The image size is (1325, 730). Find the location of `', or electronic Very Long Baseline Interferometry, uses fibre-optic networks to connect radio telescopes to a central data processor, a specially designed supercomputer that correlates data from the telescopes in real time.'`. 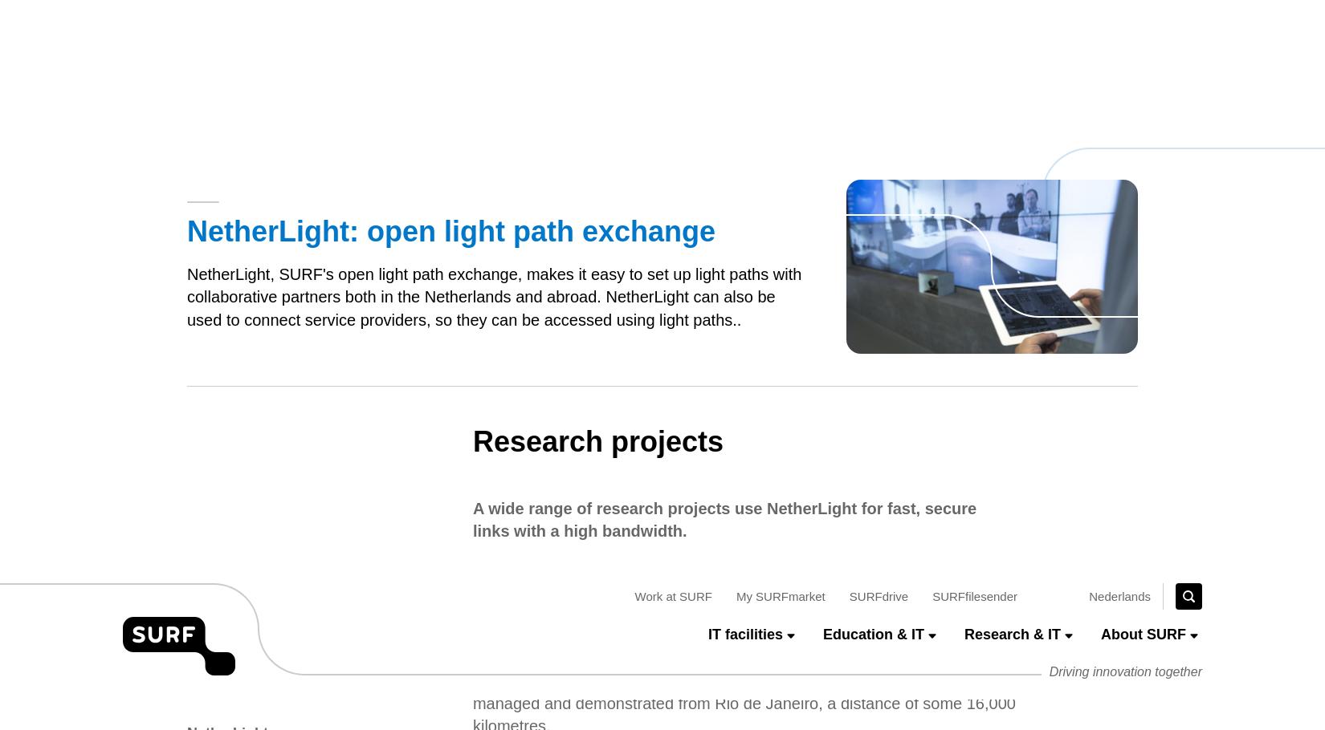

', or electronic Very Long Baseline Interferometry, uses fibre-optic networks to connect radio telescopes to a central data processor, a specially designed supercomputer that correlates data from the telescopes in real time.' is located at coordinates (743, 273).